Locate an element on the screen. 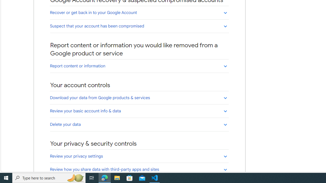 Image resolution: width=326 pixels, height=183 pixels. 'Download your data from Google products & services' is located at coordinates (139, 98).